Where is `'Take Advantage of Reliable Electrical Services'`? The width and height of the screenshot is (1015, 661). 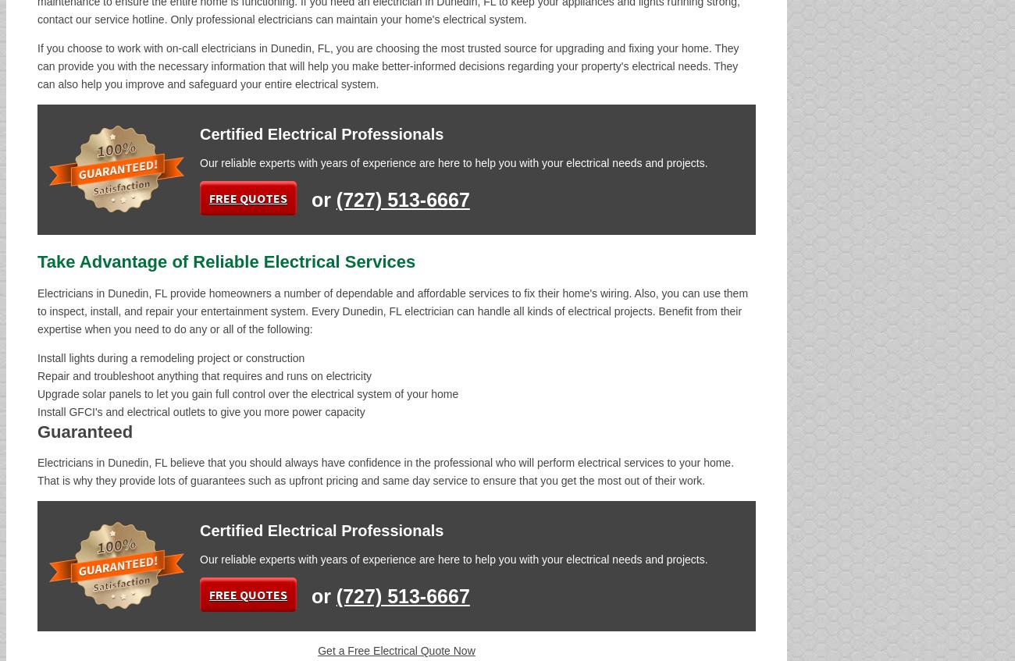 'Take Advantage of Reliable Electrical Services' is located at coordinates (226, 261).